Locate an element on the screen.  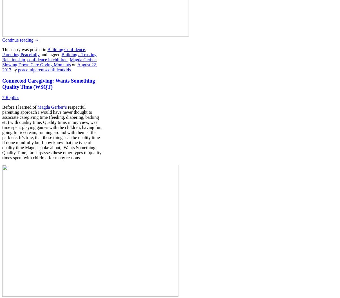
'respectful parenting approach I would have never thought to associate caregiving time (feeding, diapering, bathing etc) with quality time. Quality time, in my view, was time spent playing games with the children, having fun, going for icecream, running around with them at the park etc. It’s true, that these things can be quality time if done mindfully but I now know that the type of quality time Magda spoke about,  Wants Something Quality Time, far surpasses these other types of quality times spent with children for many reasons.' is located at coordinates (52, 132).